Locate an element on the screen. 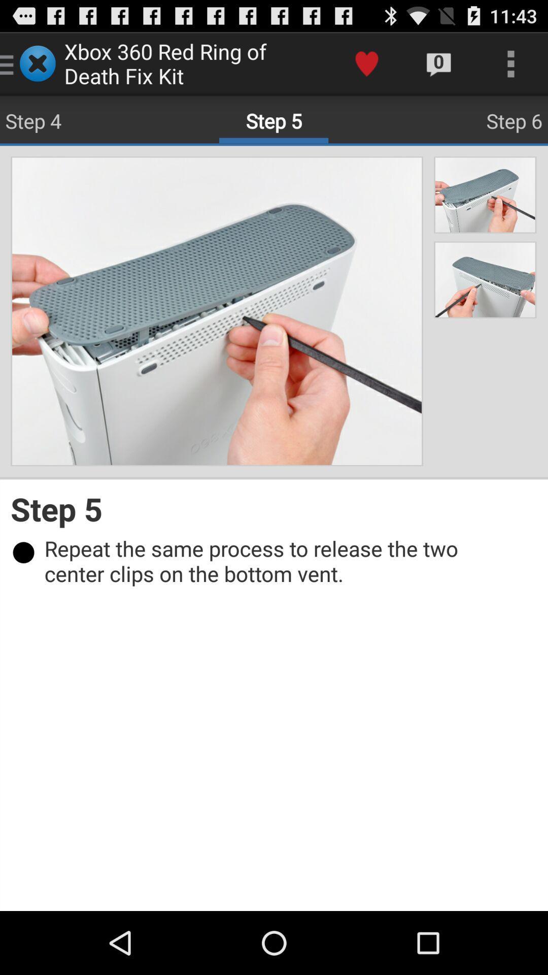  repeat the same icon is located at coordinates (279, 560).